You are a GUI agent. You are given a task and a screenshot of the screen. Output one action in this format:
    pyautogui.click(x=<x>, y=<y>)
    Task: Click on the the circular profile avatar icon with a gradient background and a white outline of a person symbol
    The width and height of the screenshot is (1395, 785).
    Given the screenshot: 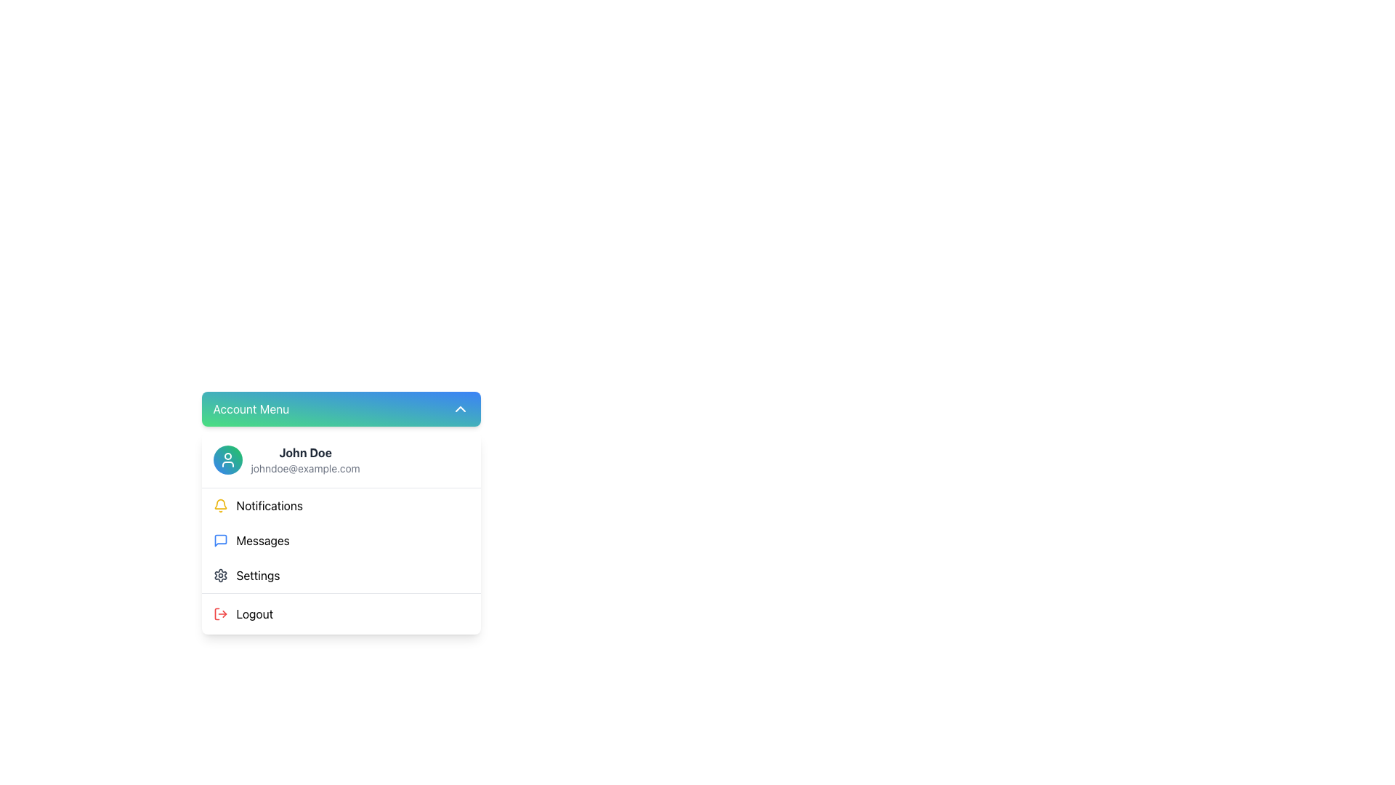 What is the action you would take?
    pyautogui.click(x=227, y=459)
    